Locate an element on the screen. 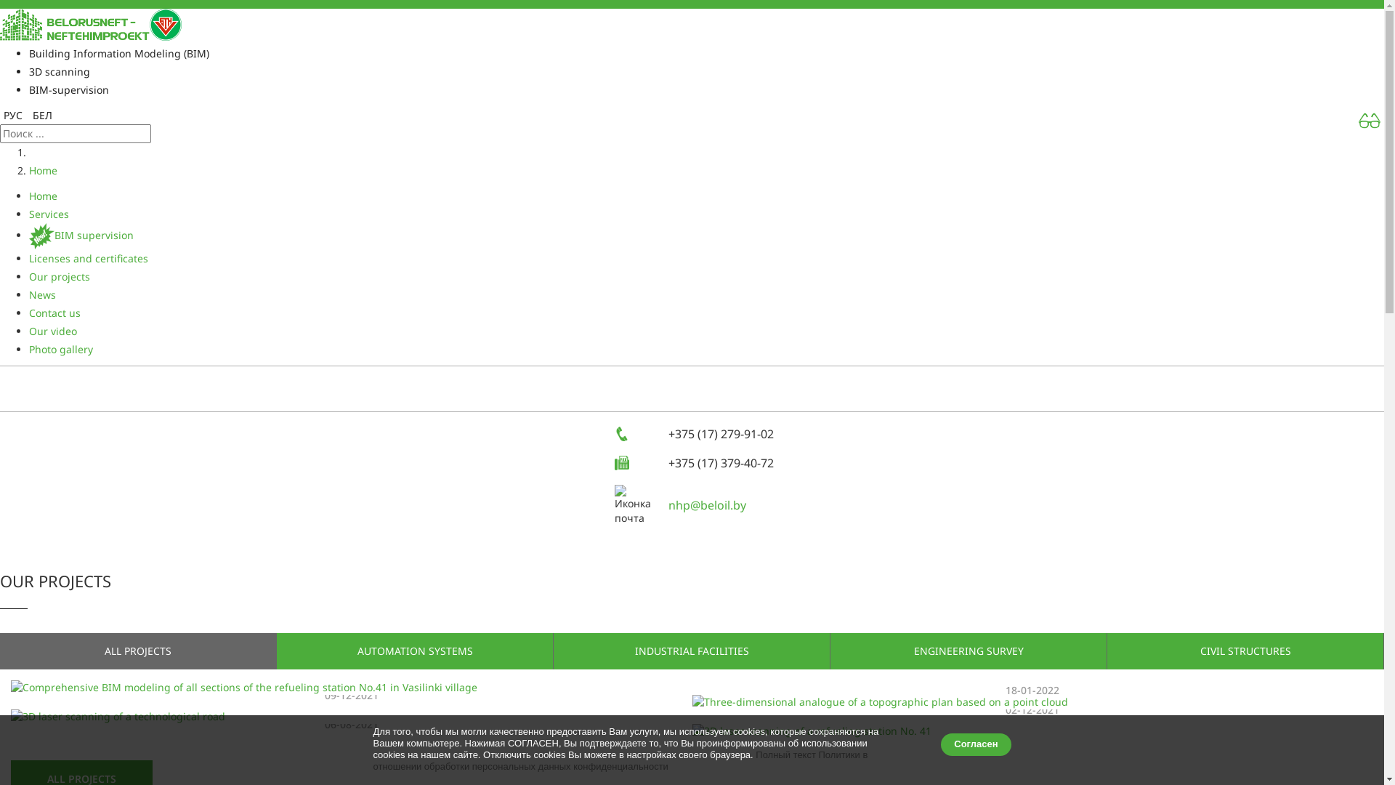 This screenshot has height=785, width=1395. 'BIM supervision' is located at coordinates (28, 234).